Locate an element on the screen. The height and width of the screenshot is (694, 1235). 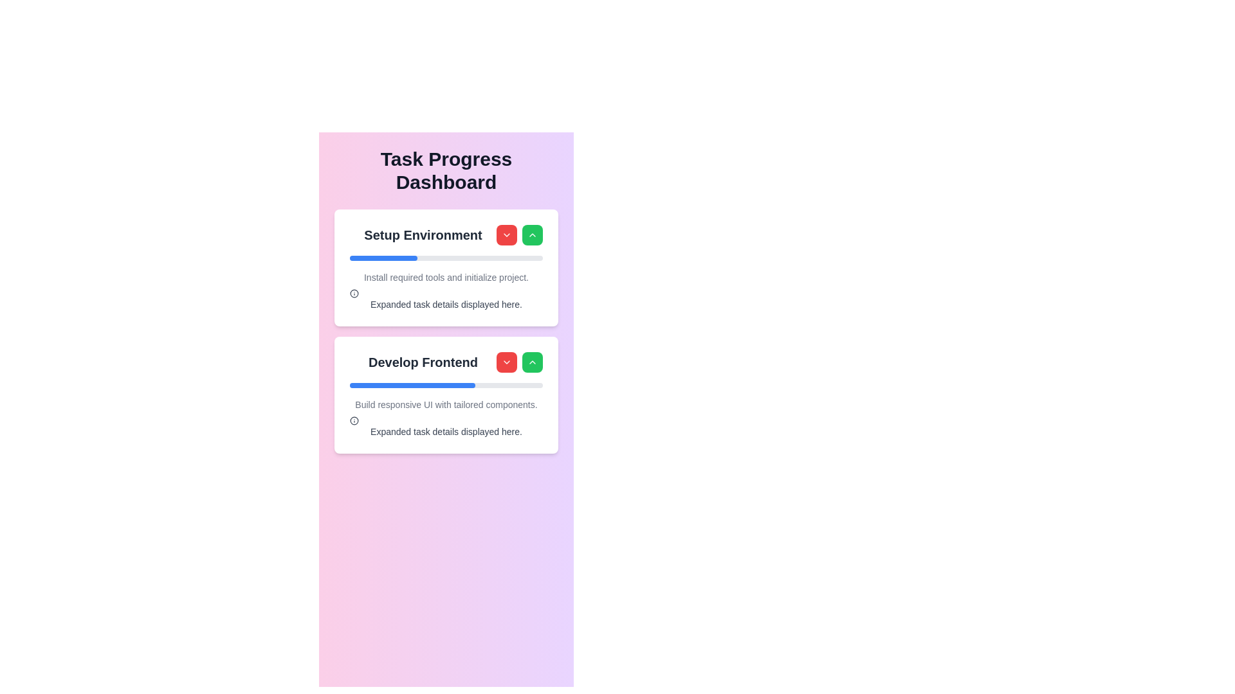
the text label with an icon located below the text 'Build responsive UI with tailored components.' in the 'Develop Frontend' task section is located at coordinates (446, 427).